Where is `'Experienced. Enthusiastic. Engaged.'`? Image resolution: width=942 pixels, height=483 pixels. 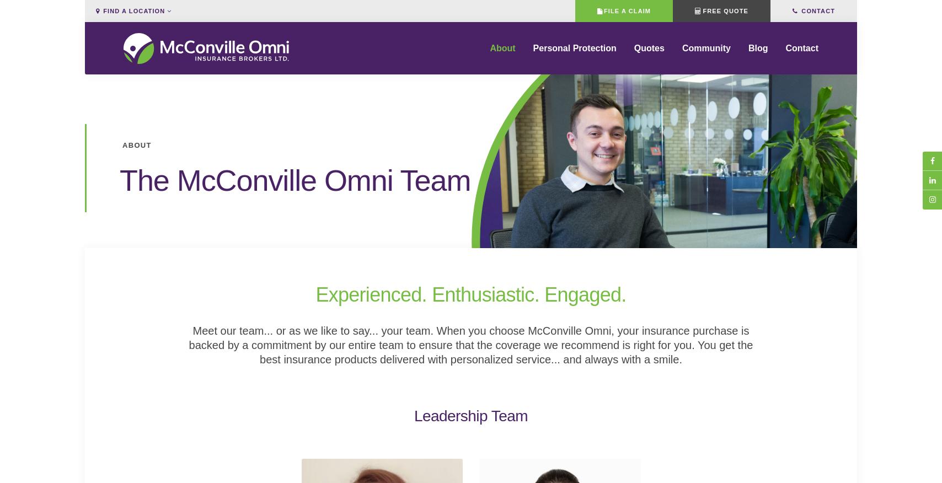 'Experienced. Enthusiastic. Engaged.' is located at coordinates (470, 294).